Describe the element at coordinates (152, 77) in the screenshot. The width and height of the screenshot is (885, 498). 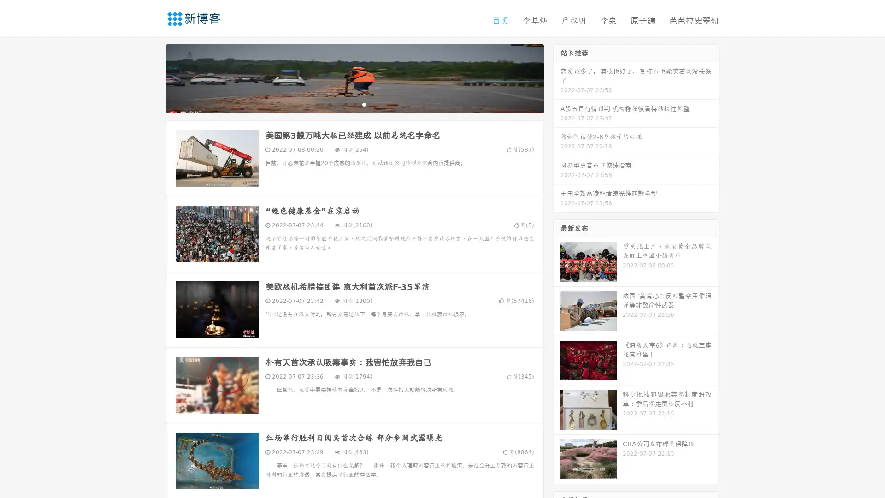
I see `Previous slide` at that location.